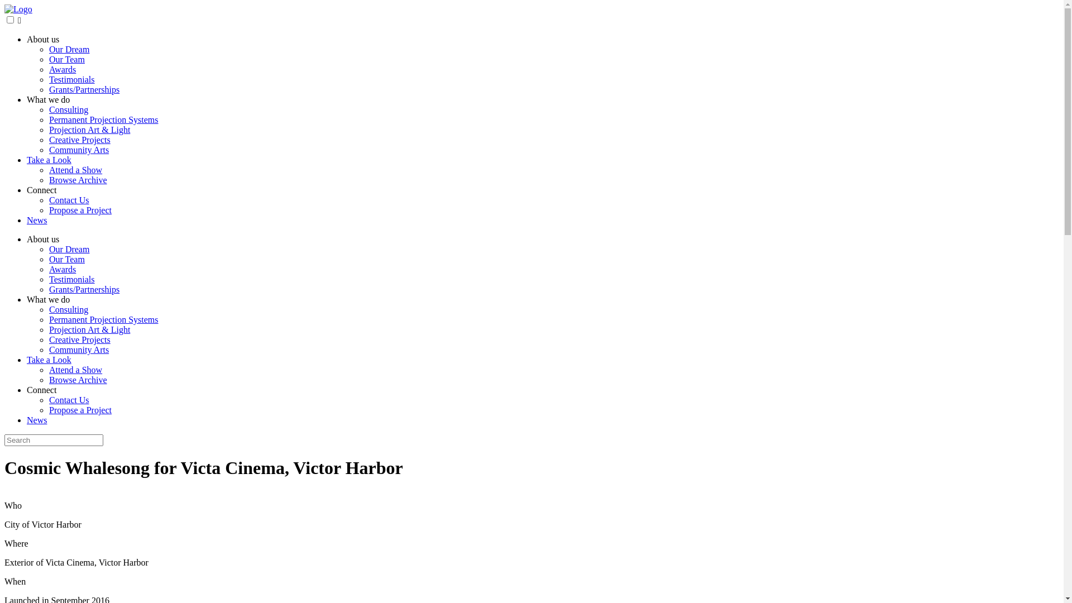 The image size is (1072, 603). What do you see at coordinates (75, 370) in the screenshot?
I see `'Attend a Show'` at bounding box center [75, 370].